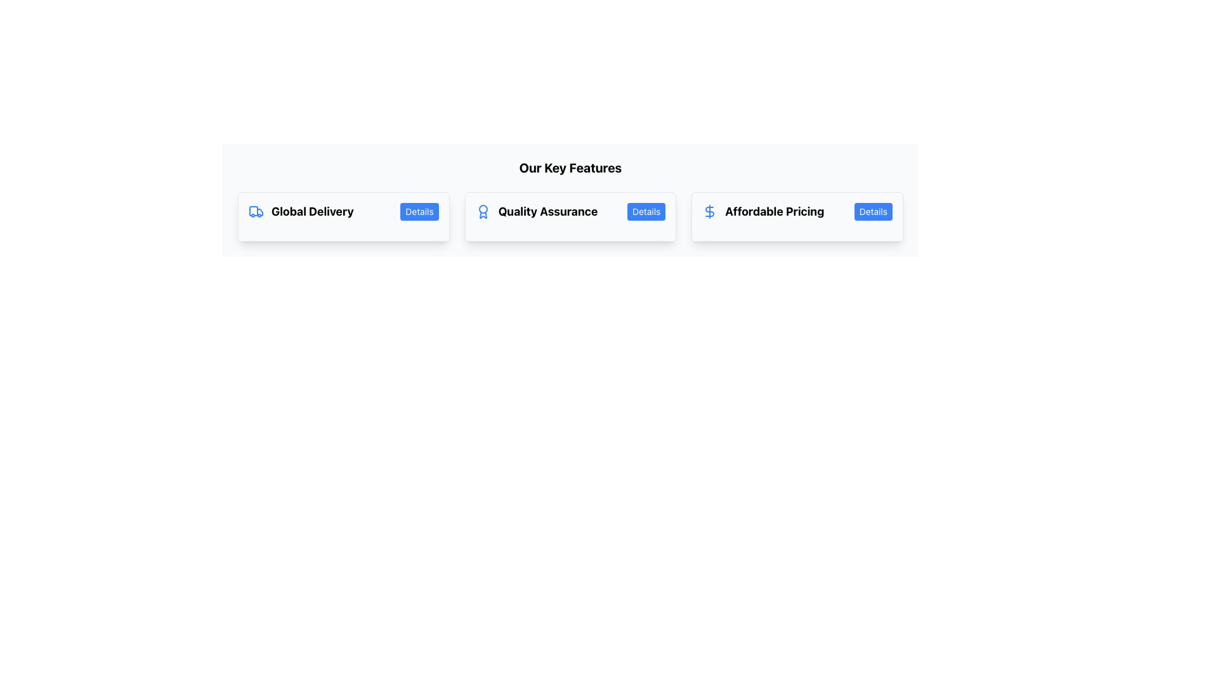  I want to click on the icon in the Feature Highlight Section, which is the second section in the three-column grid structure below 'Our Key Features', so click(570, 216).